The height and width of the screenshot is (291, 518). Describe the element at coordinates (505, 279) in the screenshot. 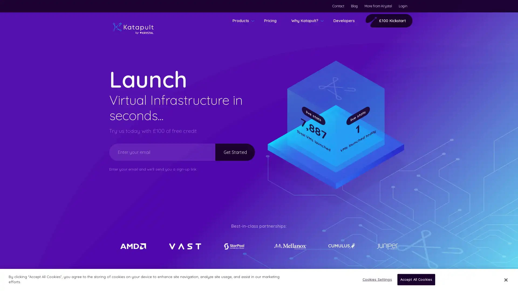

I see `Close` at that location.